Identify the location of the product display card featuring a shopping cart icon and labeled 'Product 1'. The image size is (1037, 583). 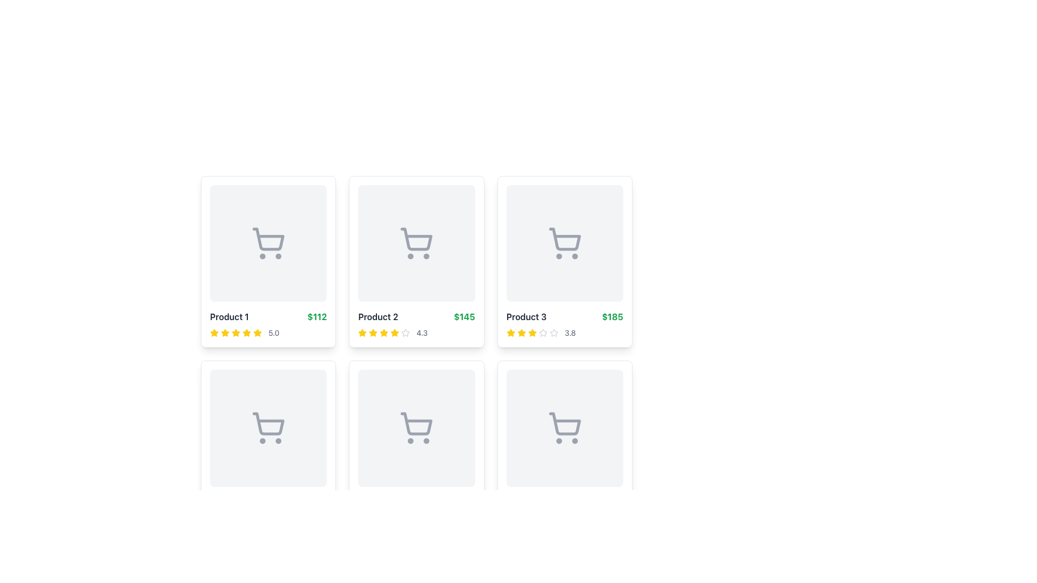
(268, 262).